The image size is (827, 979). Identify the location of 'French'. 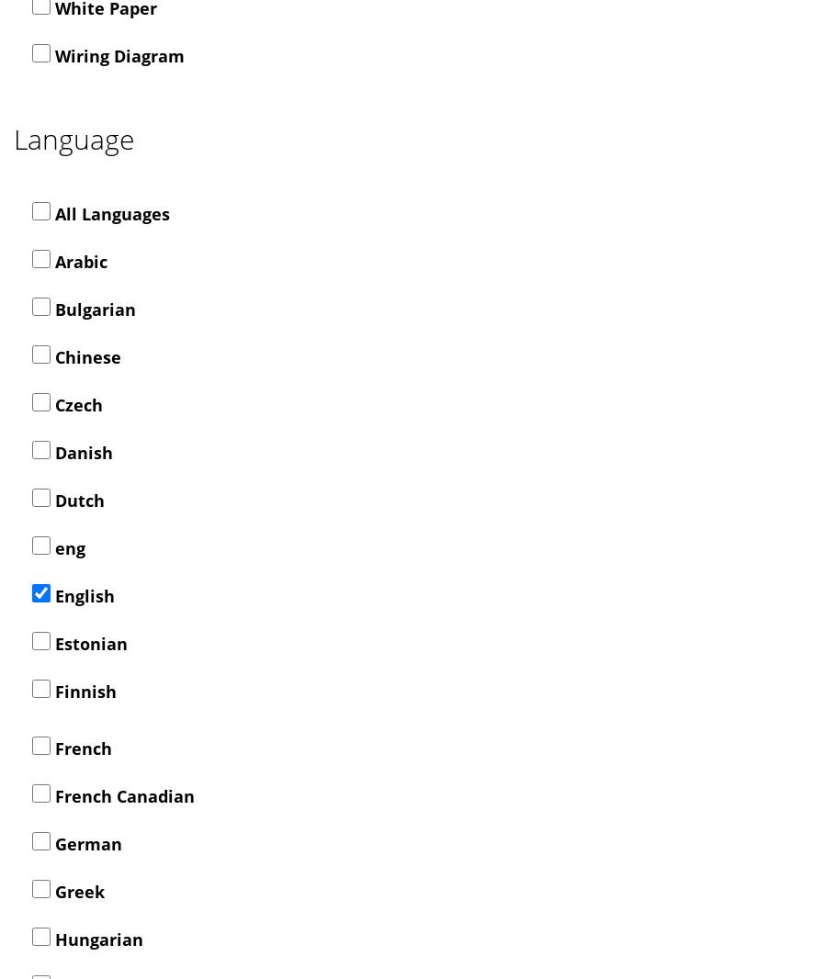
(80, 747).